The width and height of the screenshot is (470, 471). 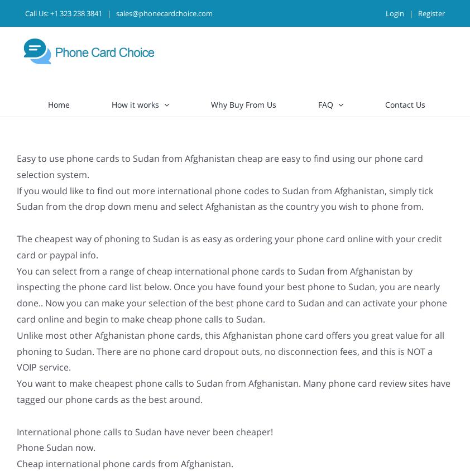 I want to click on 'How To Buy', so click(x=336, y=131).